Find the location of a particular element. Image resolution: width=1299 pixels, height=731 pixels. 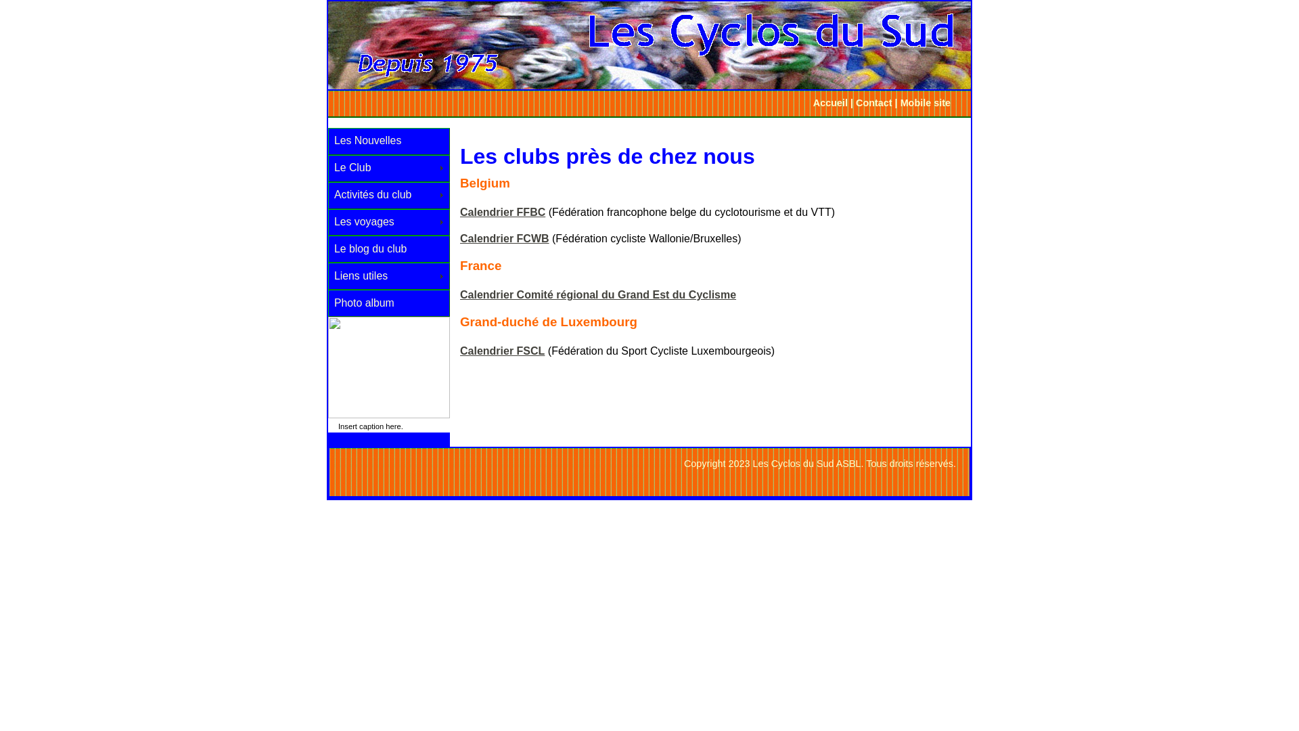

'Le blog du club' is located at coordinates (388, 248).